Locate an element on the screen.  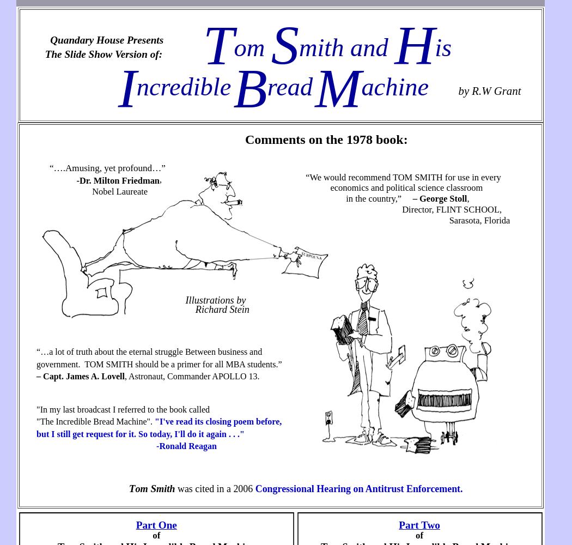
'M' is located at coordinates (314, 88).